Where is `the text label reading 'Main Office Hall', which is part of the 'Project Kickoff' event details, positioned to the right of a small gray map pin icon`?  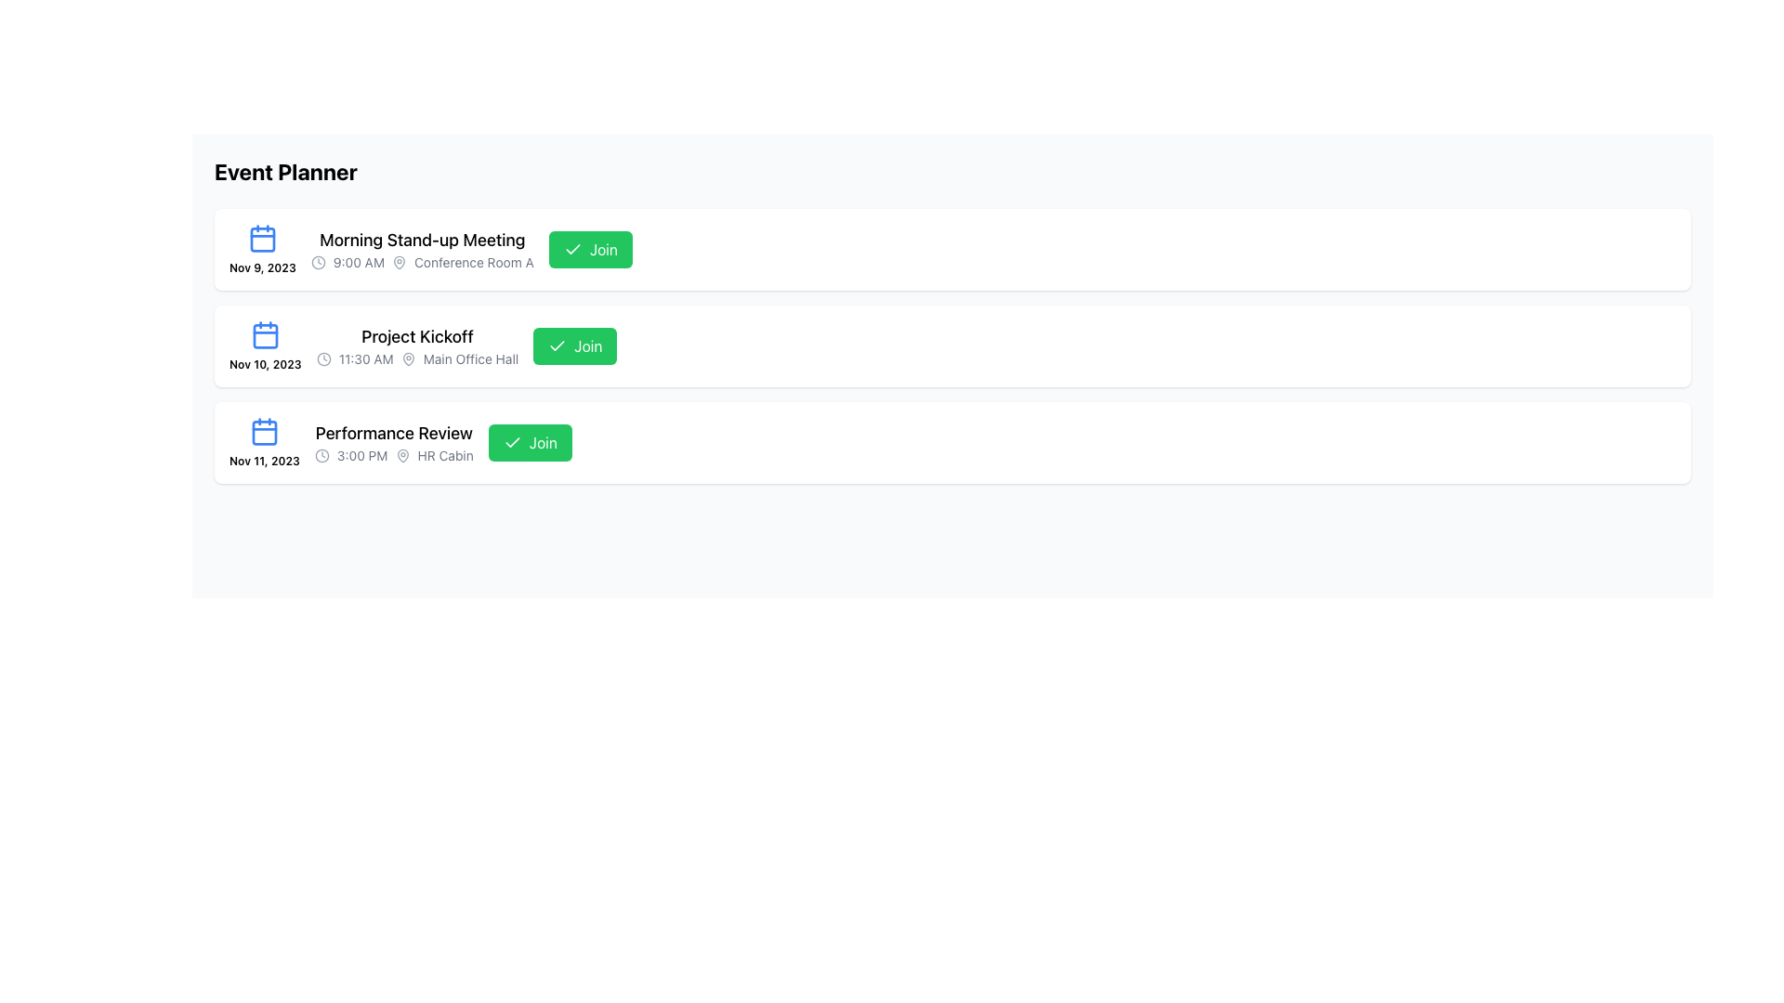
the text label reading 'Main Office Hall', which is part of the 'Project Kickoff' event details, positioned to the right of a small gray map pin icon is located at coordinates (471, 358).